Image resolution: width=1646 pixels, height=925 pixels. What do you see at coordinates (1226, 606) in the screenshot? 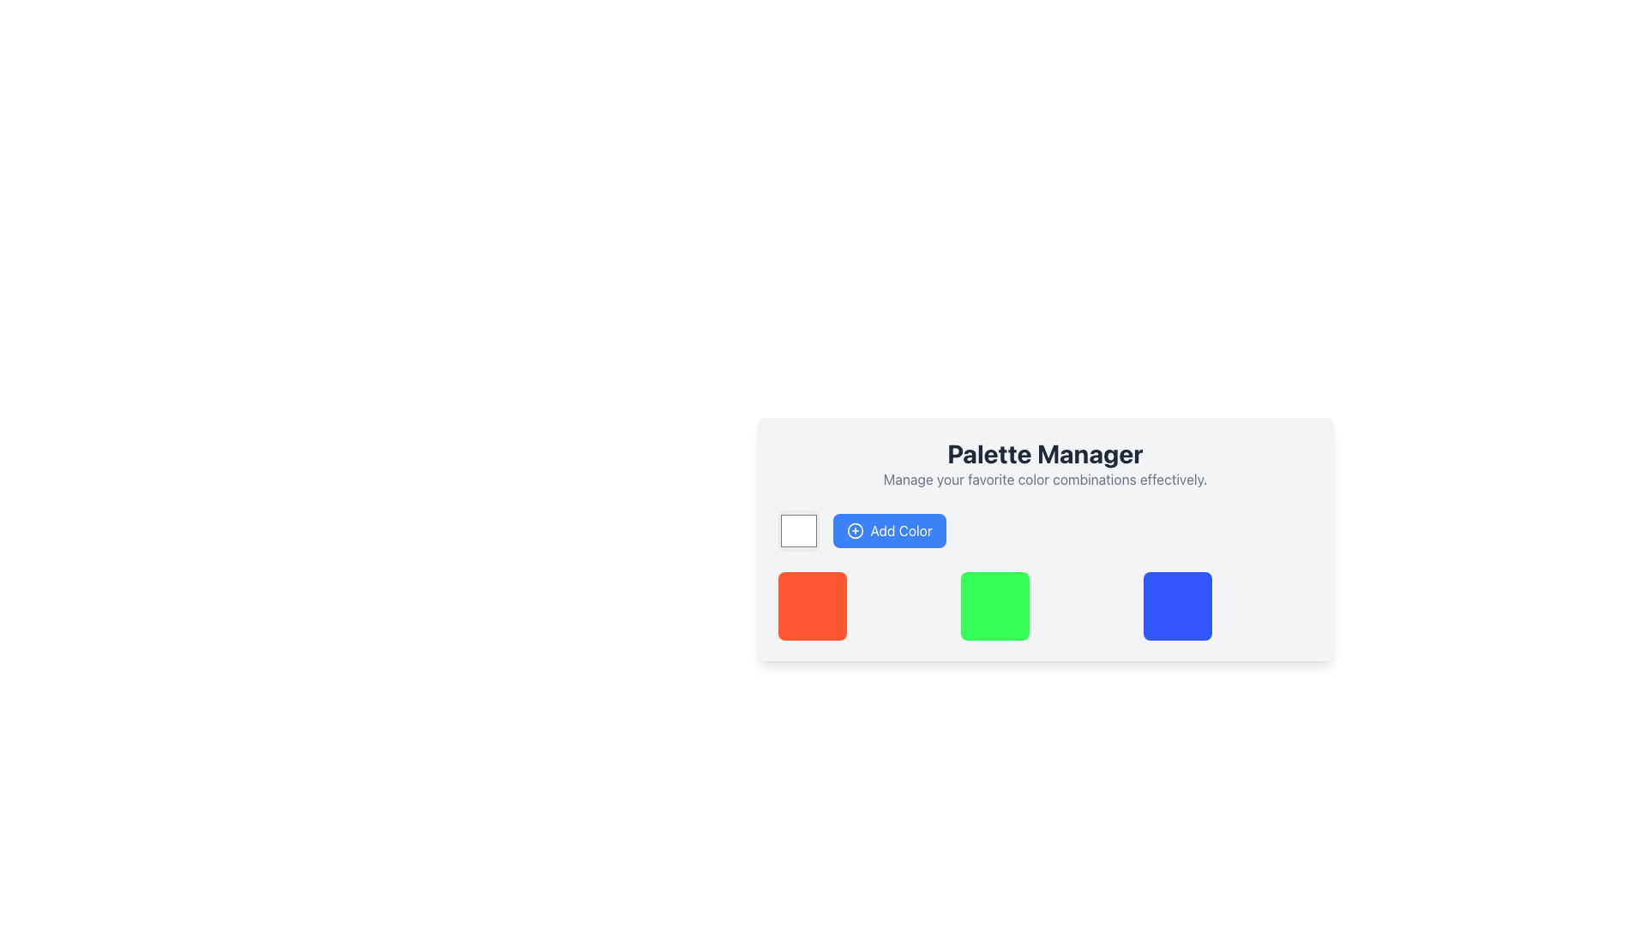
I see `the color block on the far right side of the grid row under 'Palette Manager'` at bounding box center [1226, 606].